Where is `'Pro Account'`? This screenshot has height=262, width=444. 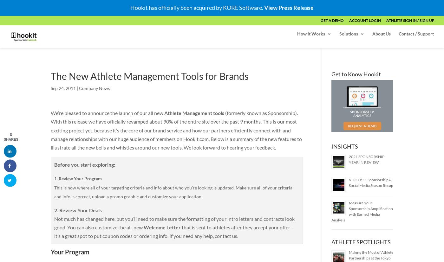 'Pro Account' is located at coordinates (260, 104).